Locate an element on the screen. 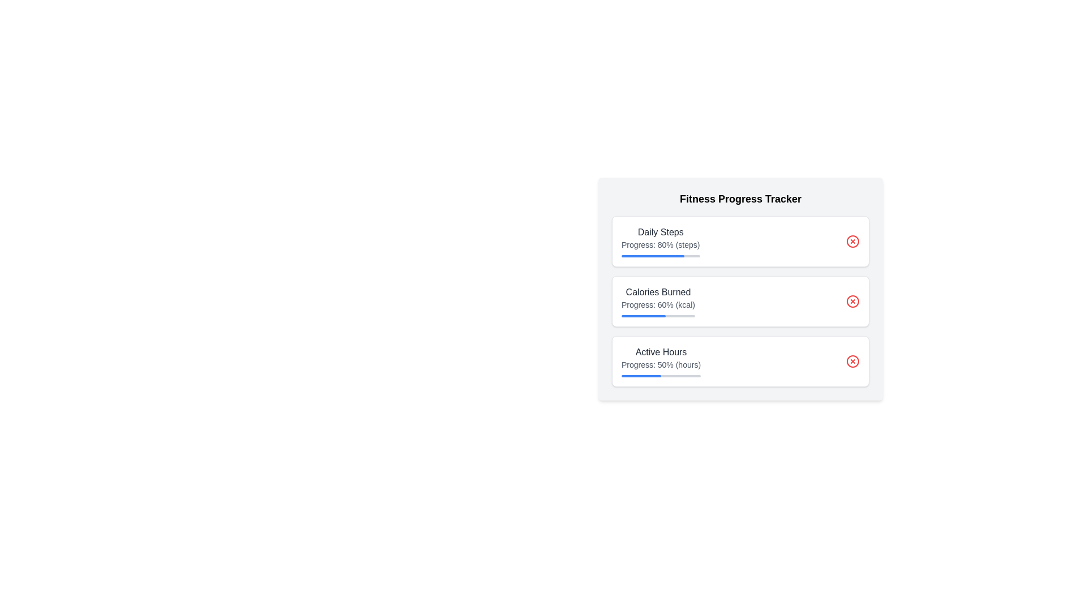 Image resolution: width=1086 pixels, height=611 pixels. the bold title text label reading 'Fitness Progress Tracker' located at the top of the card is located at coordinates (740, 198).